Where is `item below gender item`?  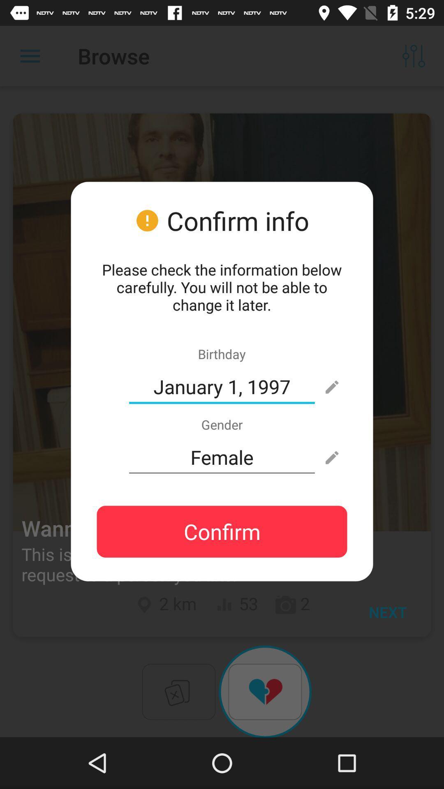
item below gender item is located at coordinates (222, 457).